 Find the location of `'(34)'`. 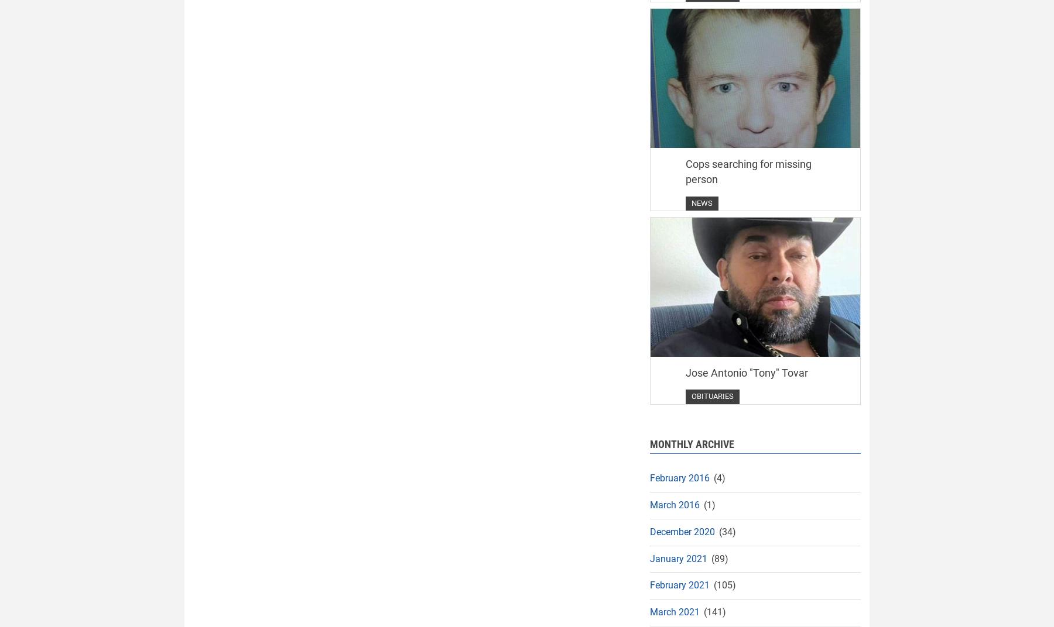

'(34)' is located at coordinates (716, 531).